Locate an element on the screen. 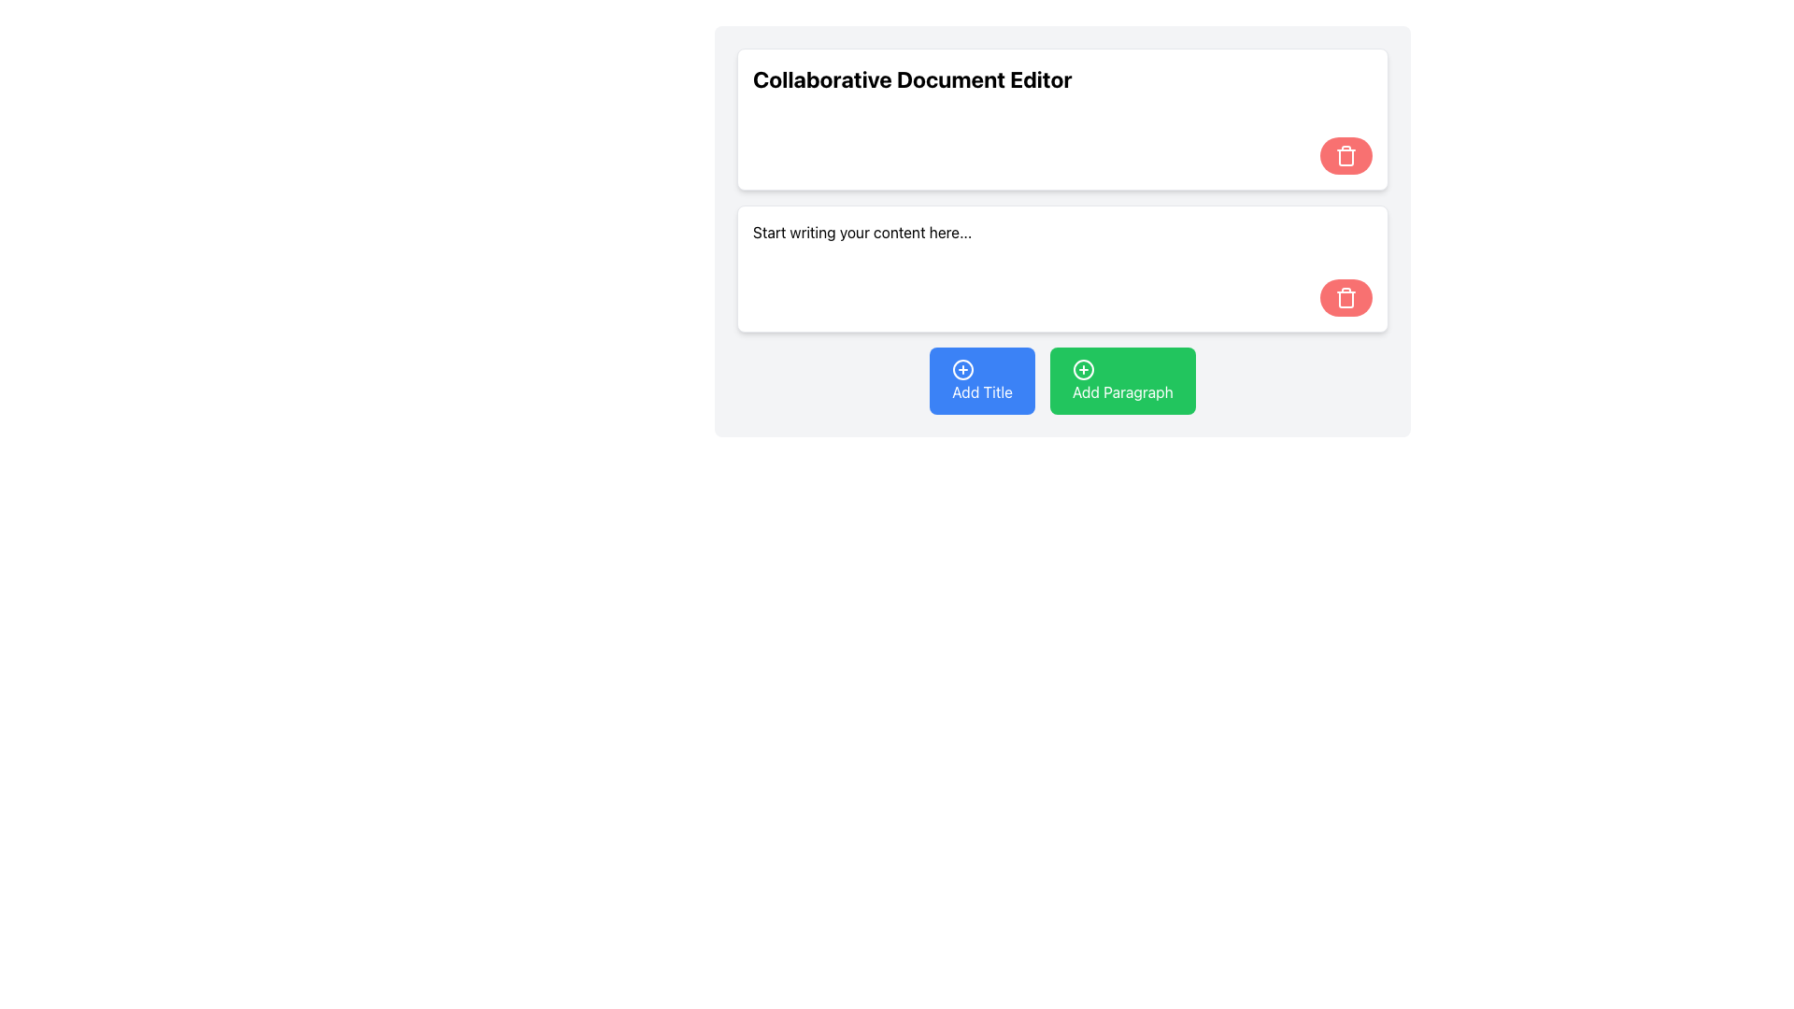 The height and width of the screenshot is (1009, 1794). the SVG Circle Element located in the center of the green 'Add Paragraph' button on the far right of the interface is located at coordinates (1083, 370).